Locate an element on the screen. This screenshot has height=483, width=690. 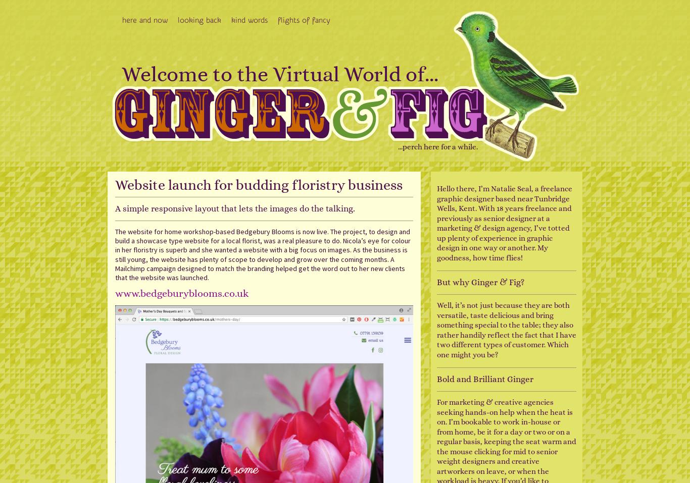
'kind words' is located at coordinates (231, 20).